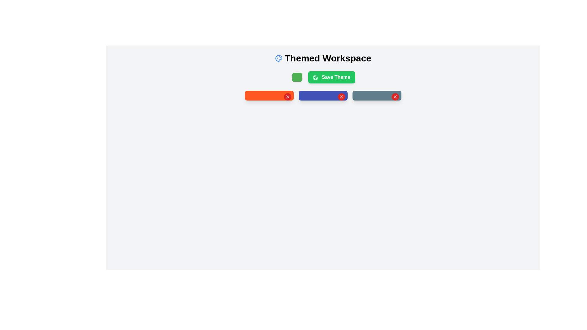  Describe the element at coordinates (323, 58) in the screenshot. I see `the header Text label located at the top center of the interface, which serves as the title for the UI section` at that location.